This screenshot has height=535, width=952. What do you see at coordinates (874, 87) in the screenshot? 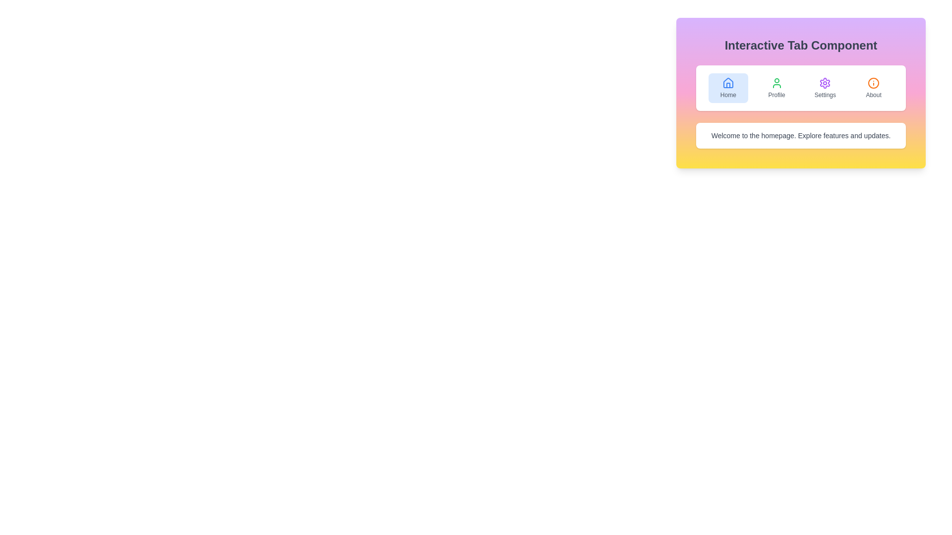
I see `the tab button labeled About to view its hover effect` at bounding box center [874, 87].